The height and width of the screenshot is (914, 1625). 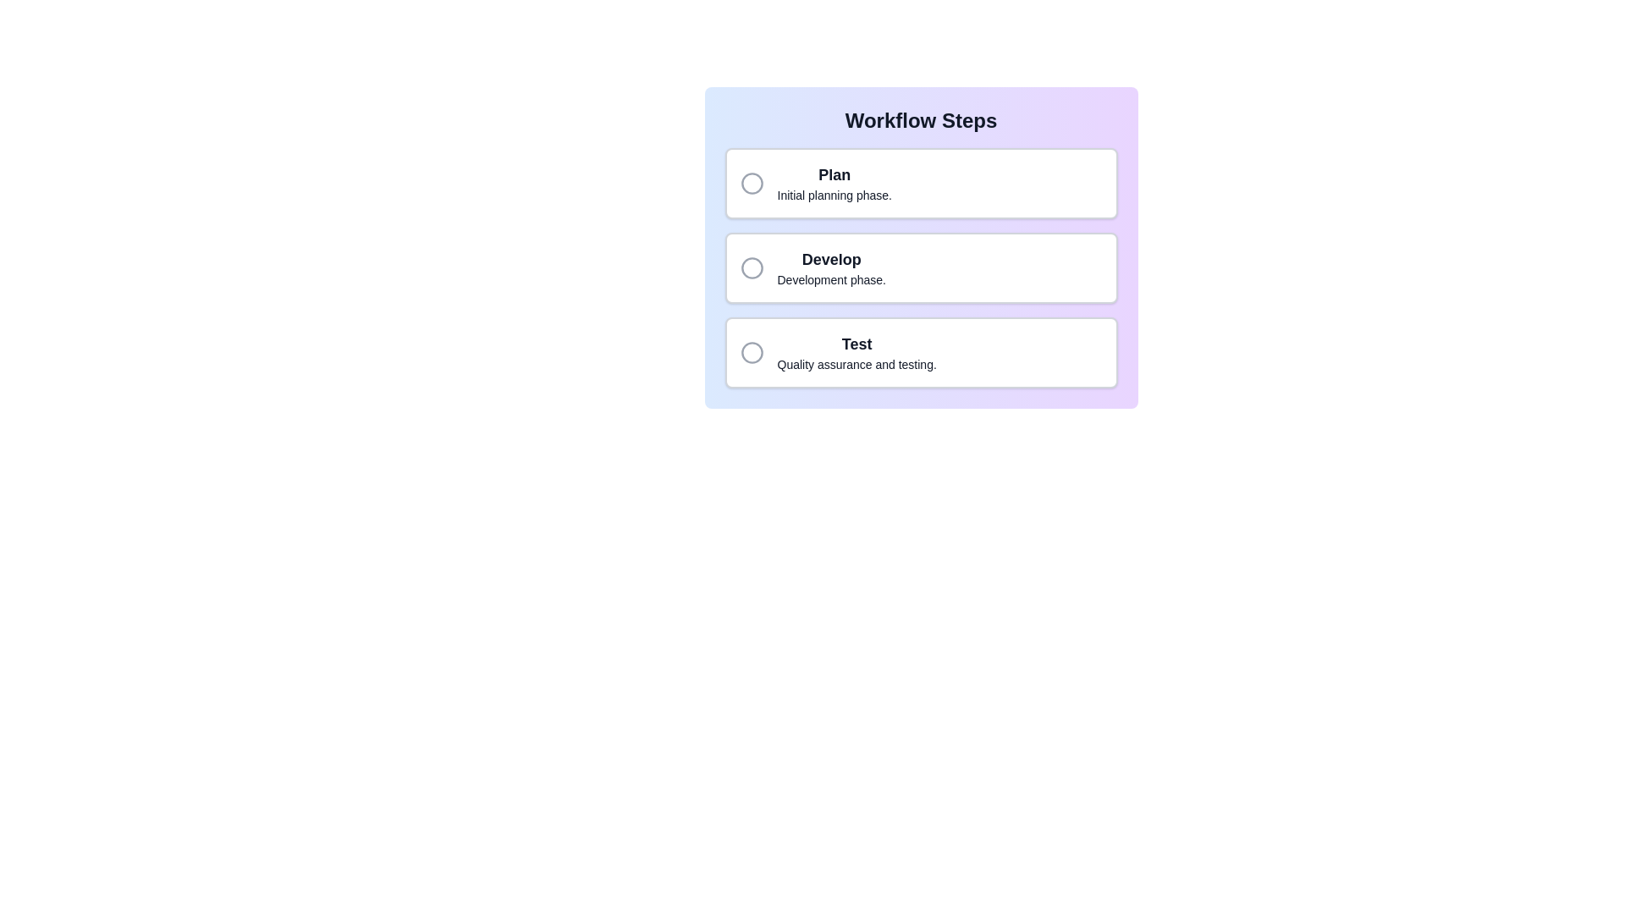 I want to click on the first radio button labeled 'Plan', so click(x=920, y=183).